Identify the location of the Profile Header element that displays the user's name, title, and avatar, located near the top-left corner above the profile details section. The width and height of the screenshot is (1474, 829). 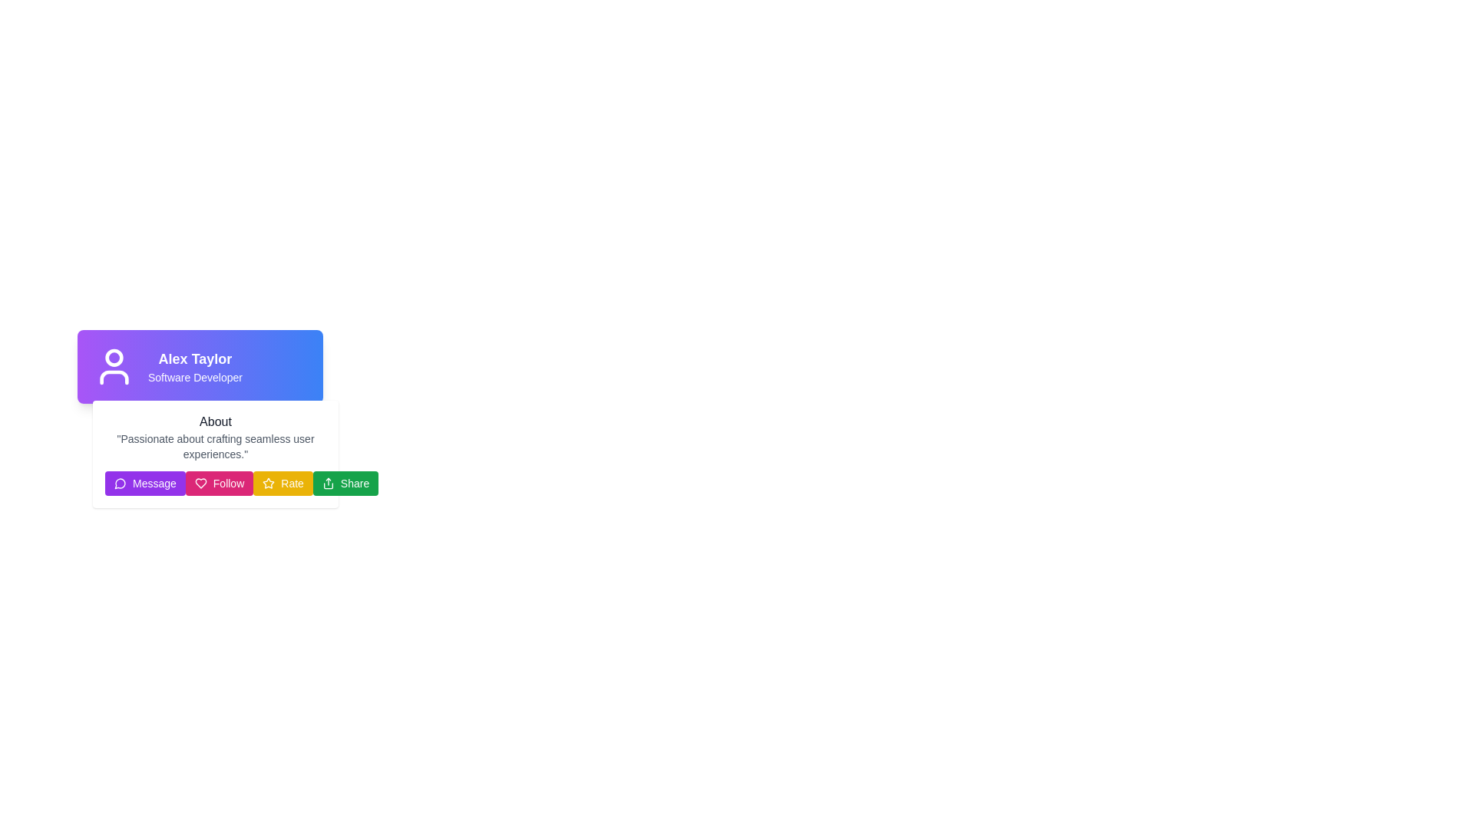
(199, 367).